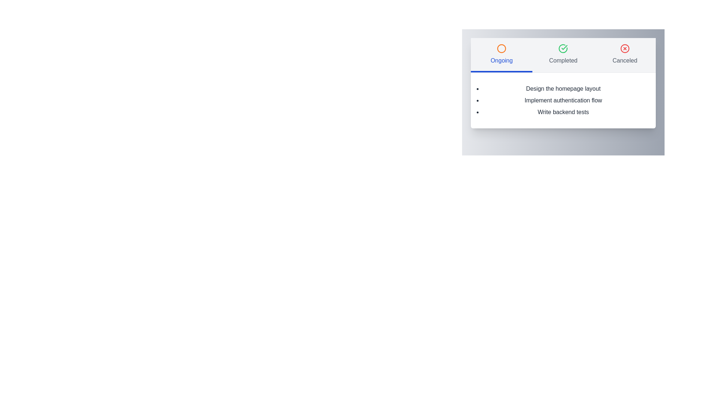 The height and width of the screenshot is (395, 703). I want to click on the tab labeled Completed to reveal additional tooltips or effects, so click(563, 54).